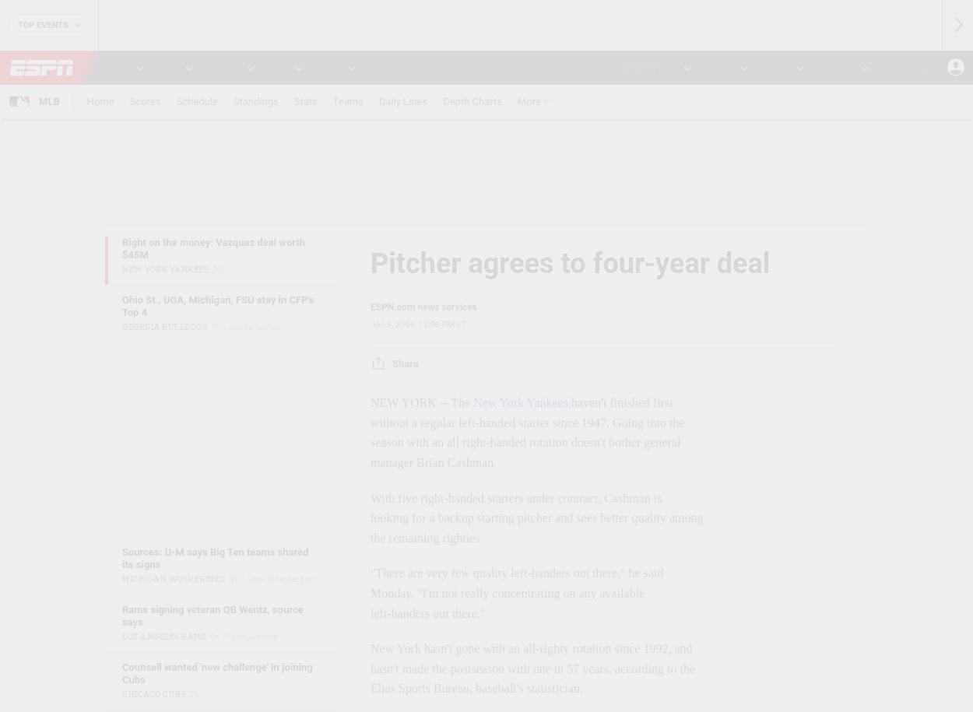 This screenshot has width=973, height=712. Describe the element at coordinates (405, 362) in the screenshot. I see `'Share'` at that location.